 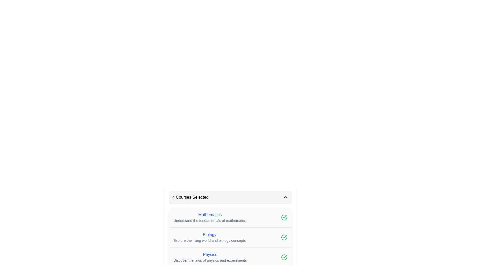 I want to click on the circular icon with a green checkmark located at the far-right side of the Physics course row under '4 Courses Selected', so click(x=284, y=257).